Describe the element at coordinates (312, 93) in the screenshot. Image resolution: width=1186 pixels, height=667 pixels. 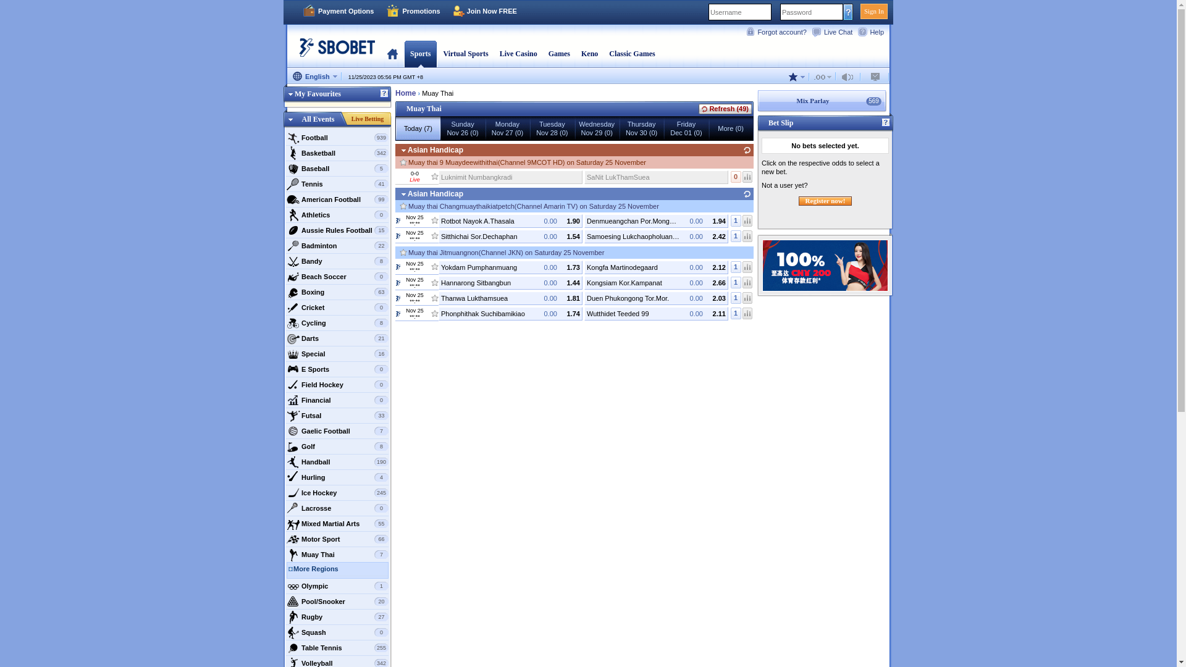
I see `'My Favourites'` at that location.